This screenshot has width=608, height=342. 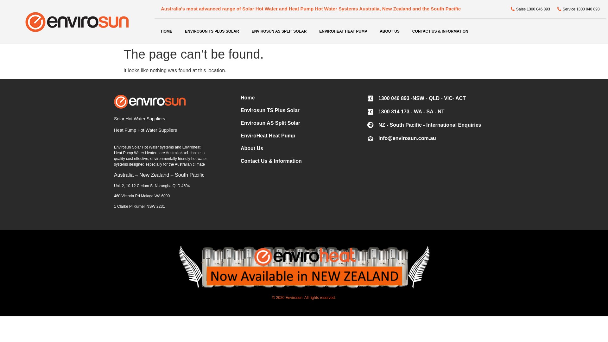 What do you see at coordinates (430, 125) in the screenshot?
I see `'NZ - South Pacific - International Enquiries'` at bounding box center [430, 125].